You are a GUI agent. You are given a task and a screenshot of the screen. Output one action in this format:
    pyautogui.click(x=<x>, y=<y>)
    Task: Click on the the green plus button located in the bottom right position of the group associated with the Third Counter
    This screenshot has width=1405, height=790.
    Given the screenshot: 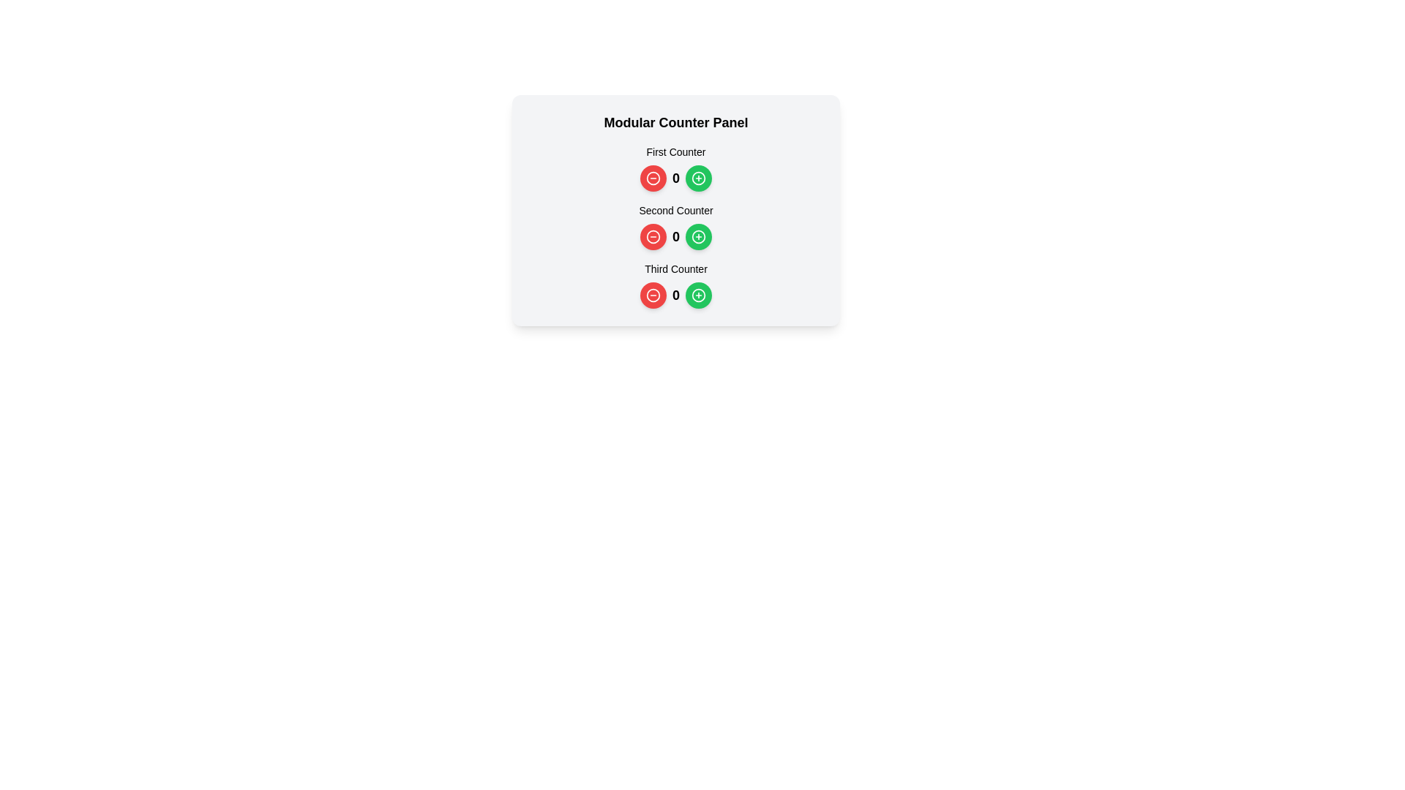 What is the action you would take?
    pyautogui.click(x=698, y=296)
    